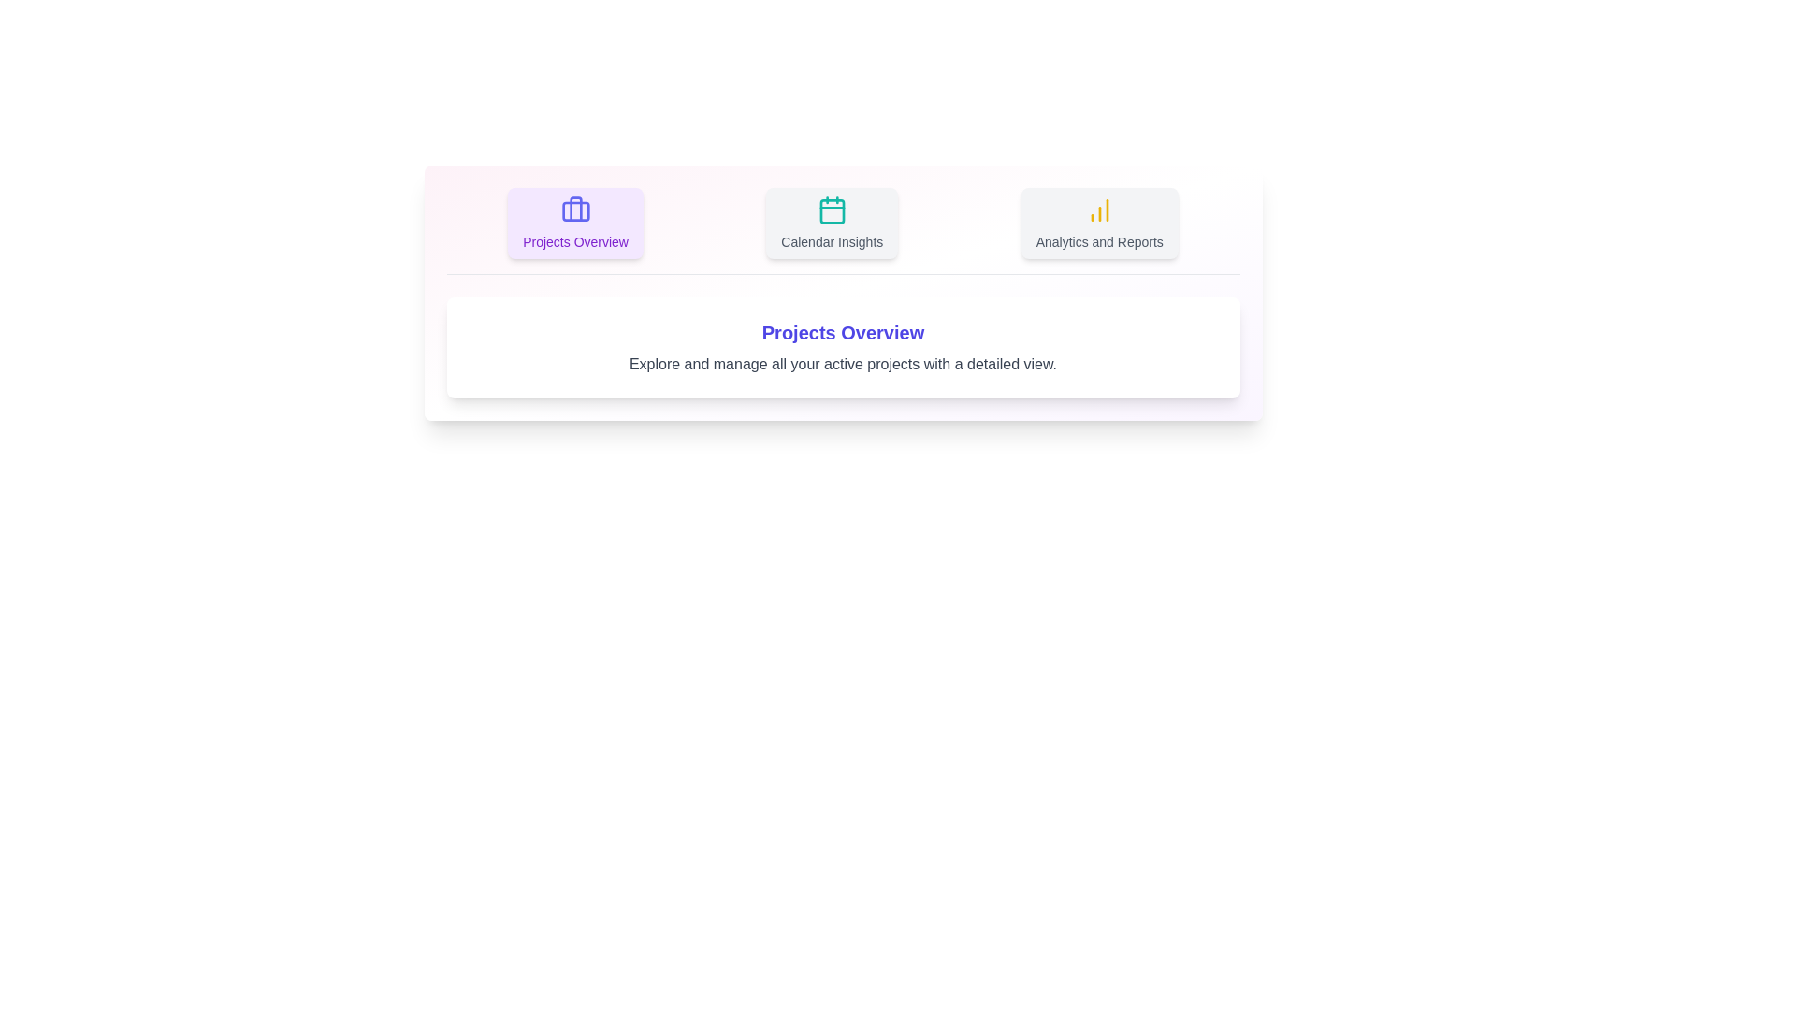 The width and height of the screenshot is (1796, 1010). I want to click on the tab labeled 'Analytics and Reports' to observe the visual feedback, so click(1099, 223).